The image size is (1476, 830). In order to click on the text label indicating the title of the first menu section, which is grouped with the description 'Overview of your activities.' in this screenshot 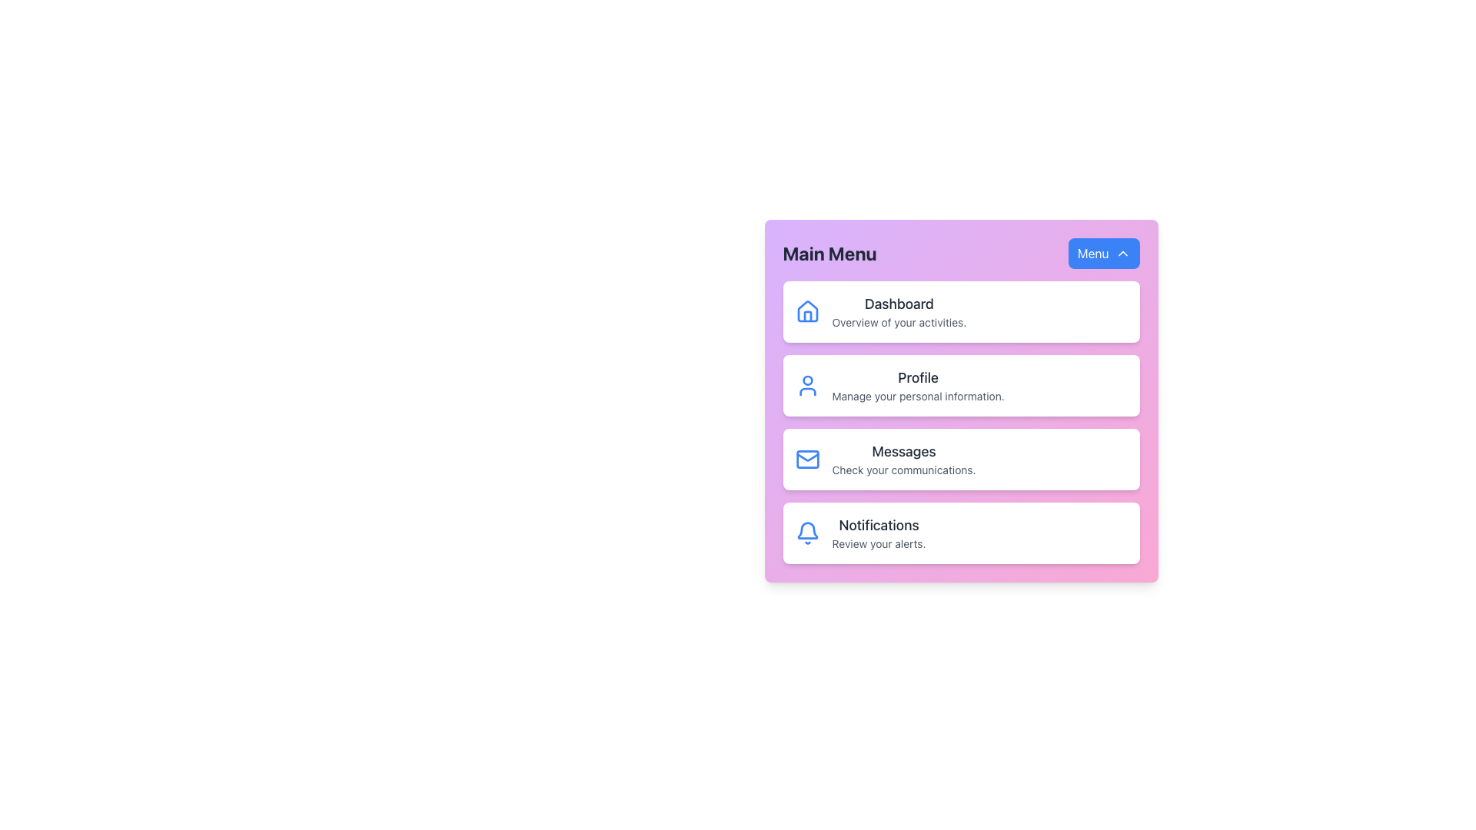, I will do `click(899, 304)`.